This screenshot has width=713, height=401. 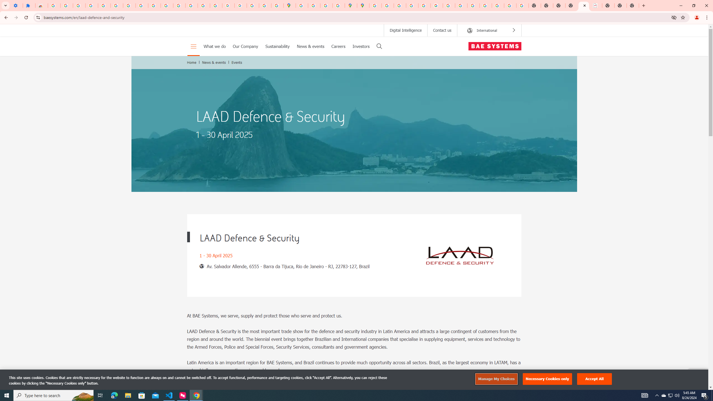 I want to click on 'BAE Systems Brasil | BAE Systems', so click(x=596, y=5).